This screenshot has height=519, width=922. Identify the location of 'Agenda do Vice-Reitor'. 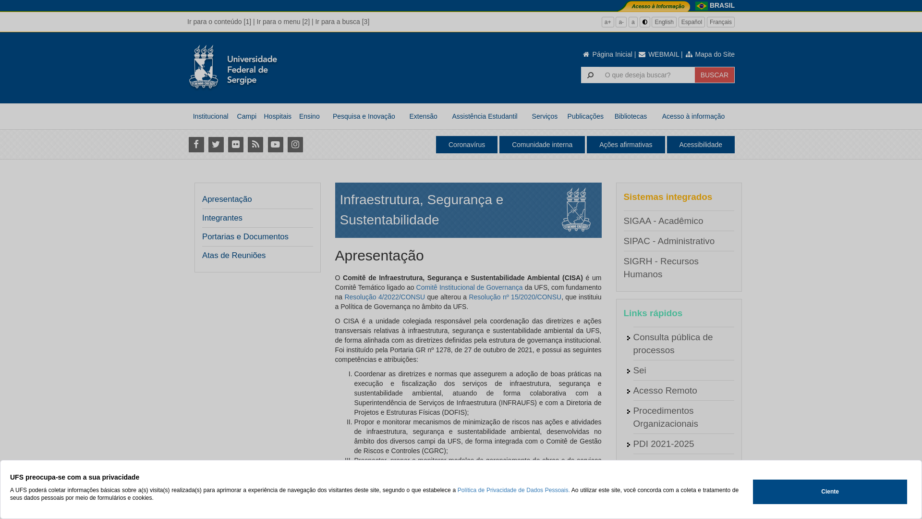
(678, 484).